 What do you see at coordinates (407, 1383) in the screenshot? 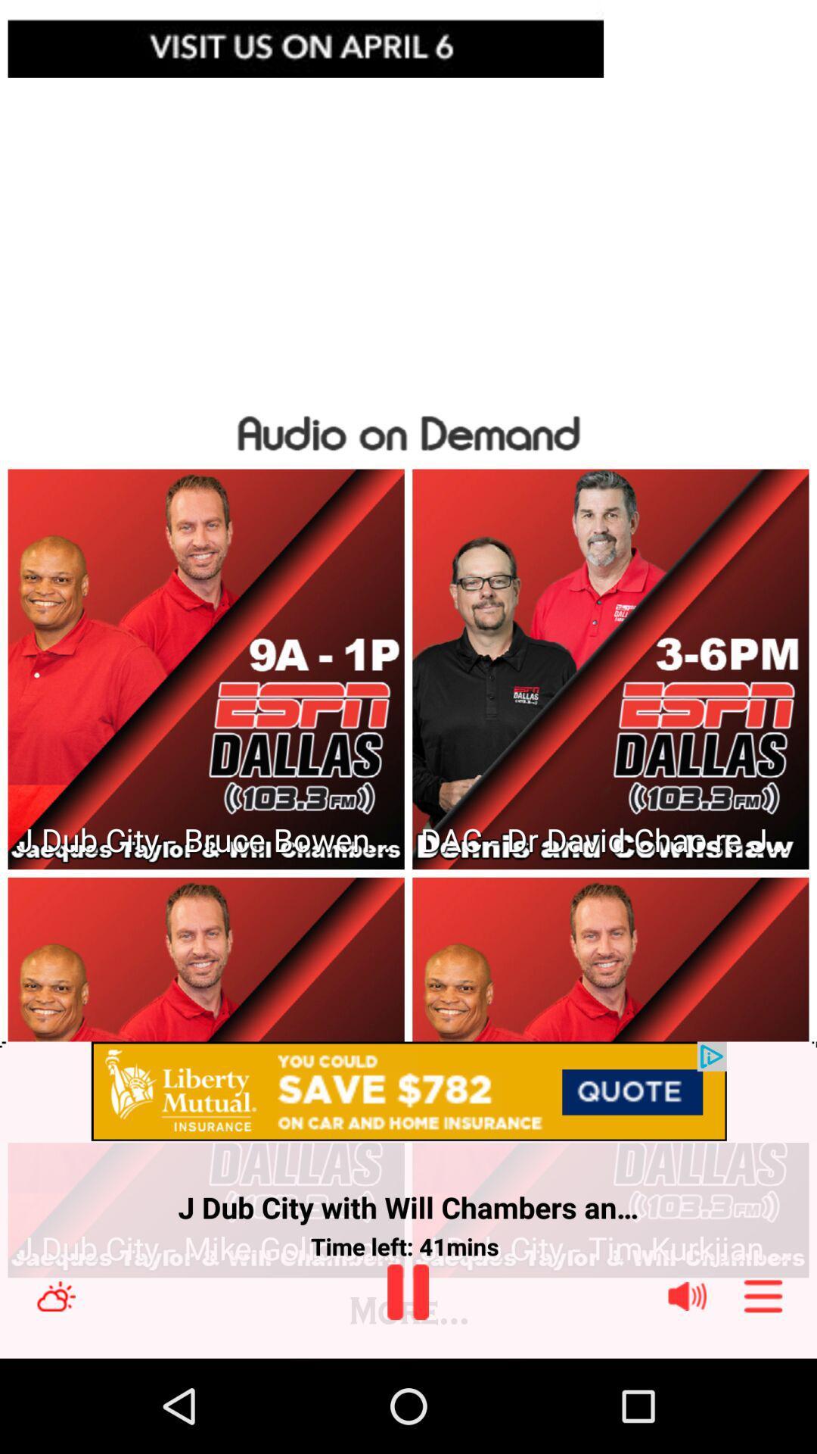
I see `the pause icon` at bounding box center [407, 1383].